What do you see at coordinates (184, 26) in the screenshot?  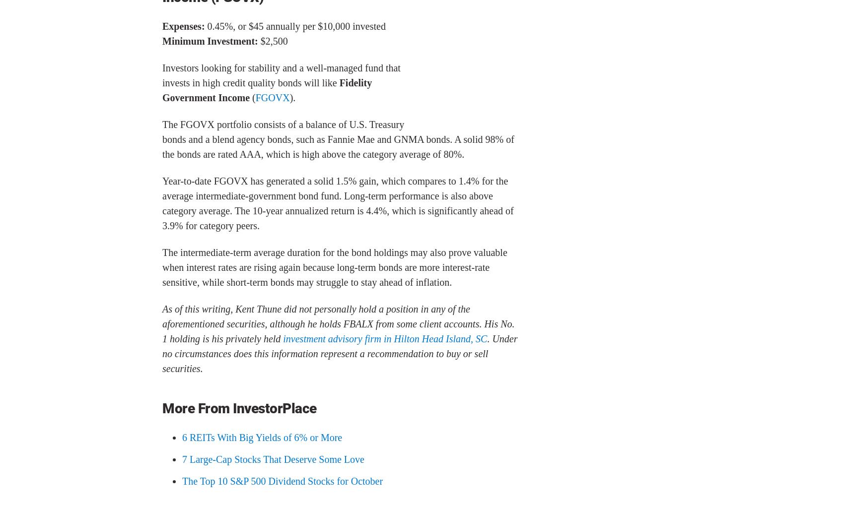 I see `'Expenses:'` at bounding box center [184, 26].